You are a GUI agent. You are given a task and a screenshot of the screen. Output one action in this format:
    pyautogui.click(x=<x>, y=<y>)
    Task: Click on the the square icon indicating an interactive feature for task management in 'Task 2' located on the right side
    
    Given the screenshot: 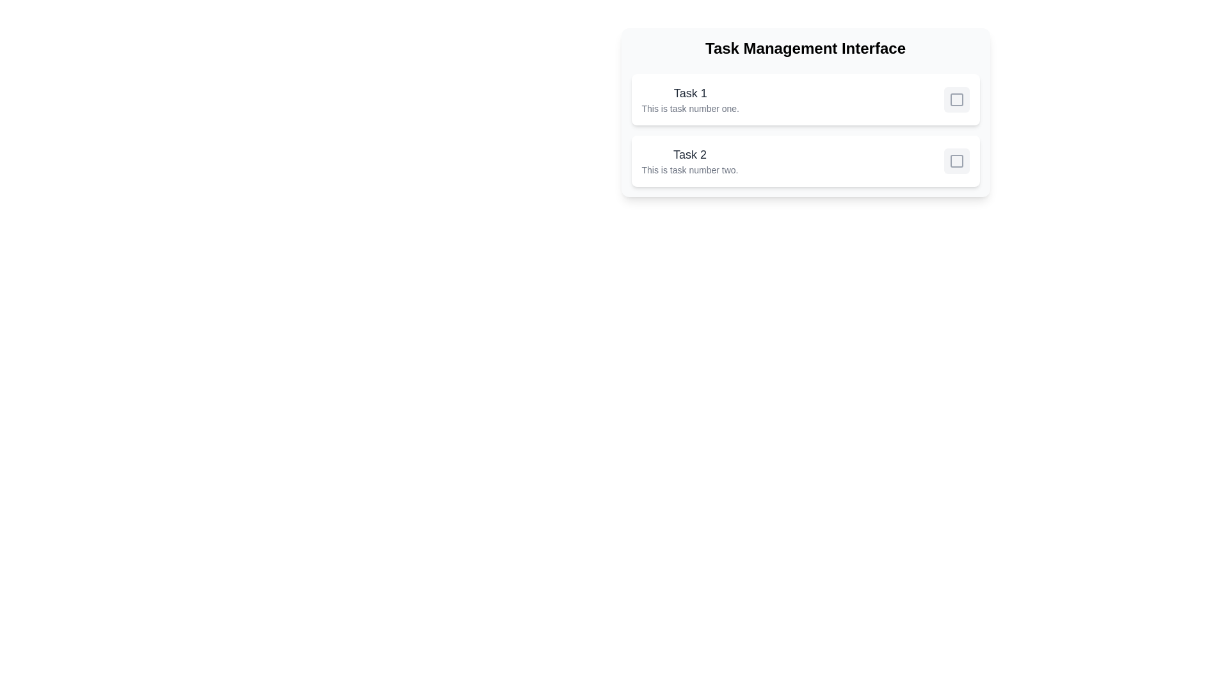 What is the action you would take?
    pyautogui.click(x=956, y=160)
    